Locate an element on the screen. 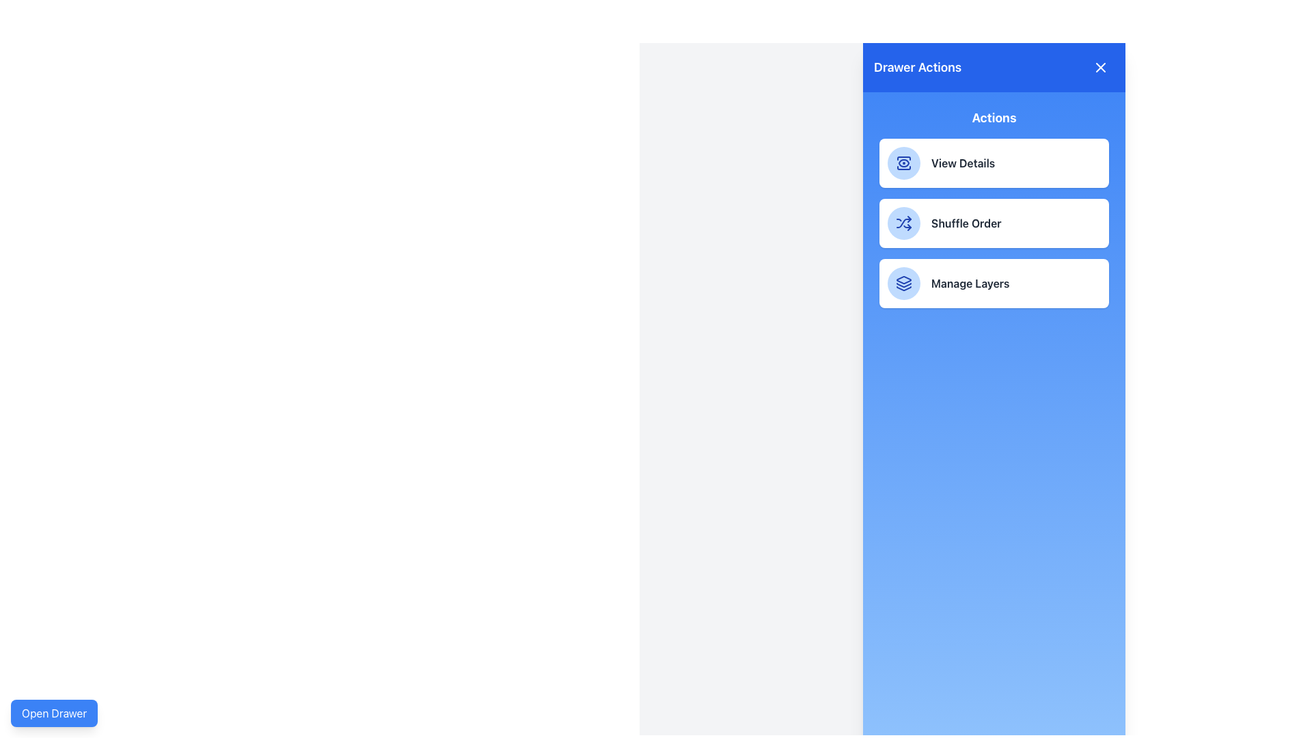 The width and height of the screenshot is (1312, 738). the icon-based button with a light blue background and layered shapes icon is located at coordinates (904, 283).